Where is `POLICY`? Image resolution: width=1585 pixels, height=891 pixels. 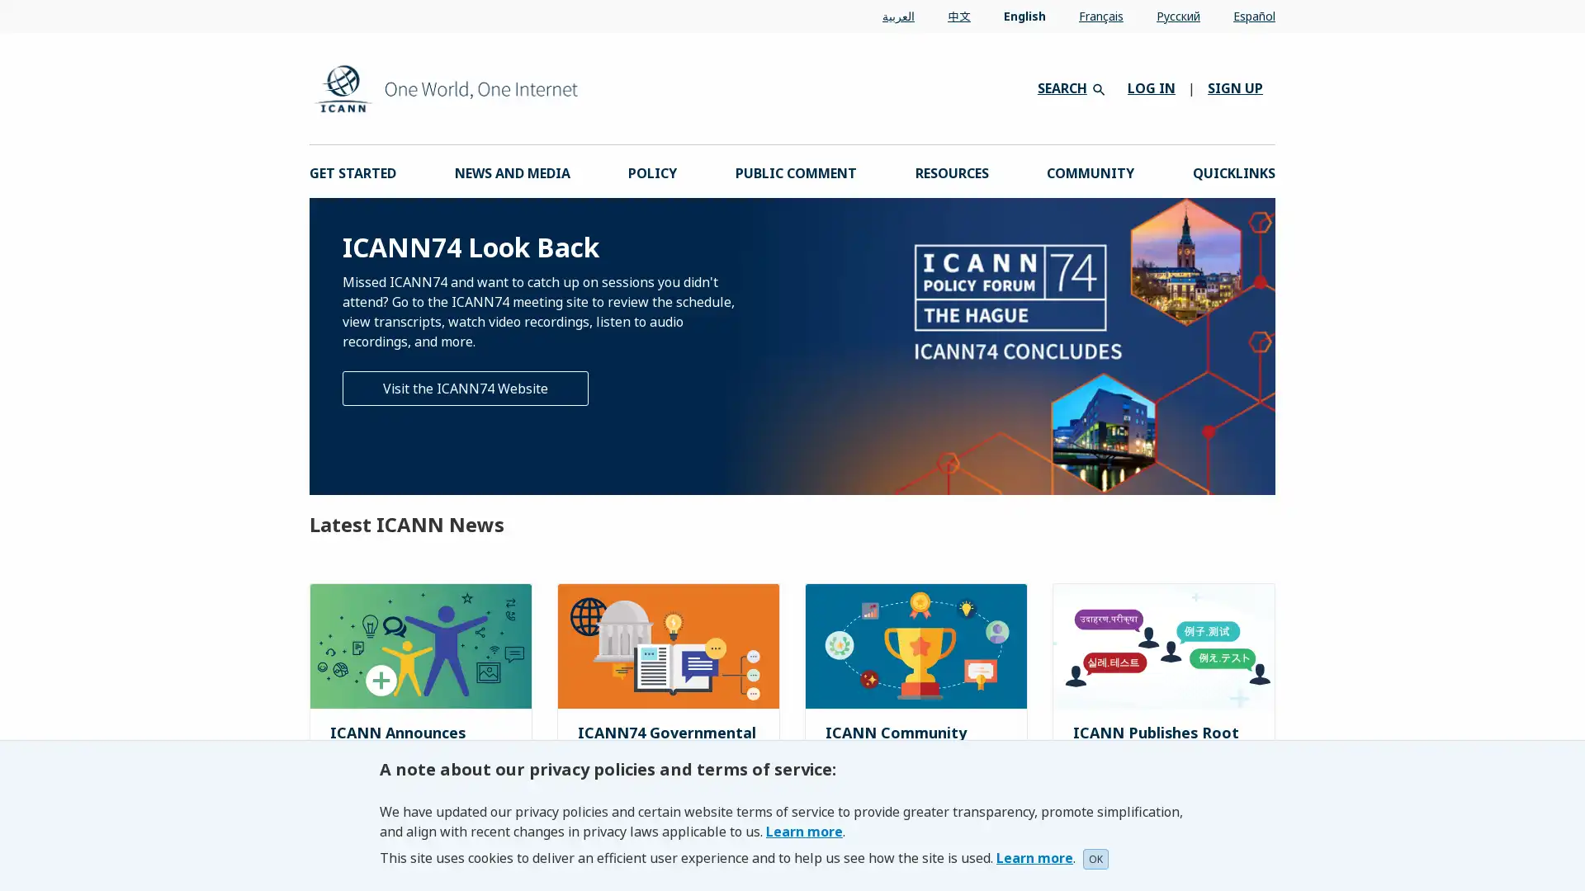
POLICY is located at coordinates (651, 172).